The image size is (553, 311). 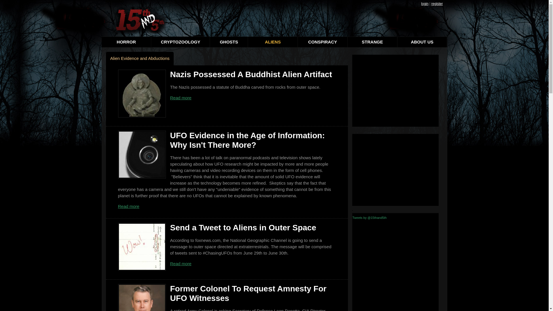 What do you see at coordinates (425, 3) in the screenshot?
I see `'login'` at bounding box center [425, 3].